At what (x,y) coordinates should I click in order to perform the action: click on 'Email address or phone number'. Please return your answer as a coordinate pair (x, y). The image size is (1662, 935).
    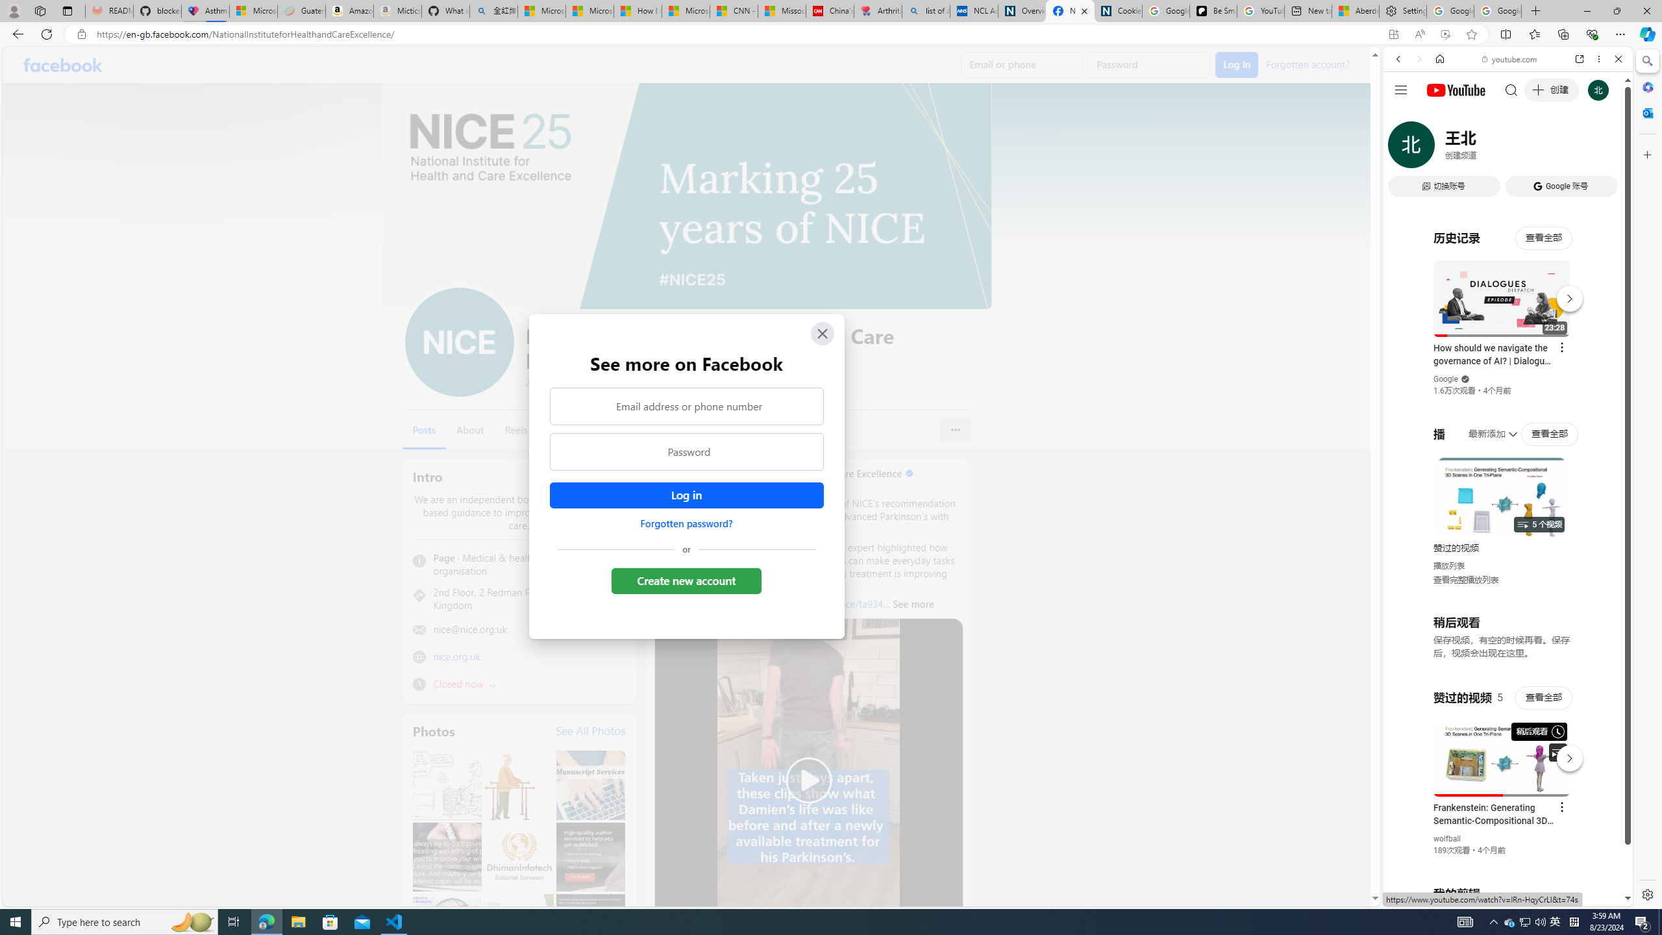
    Looking at the image, I should click on (686, 405).